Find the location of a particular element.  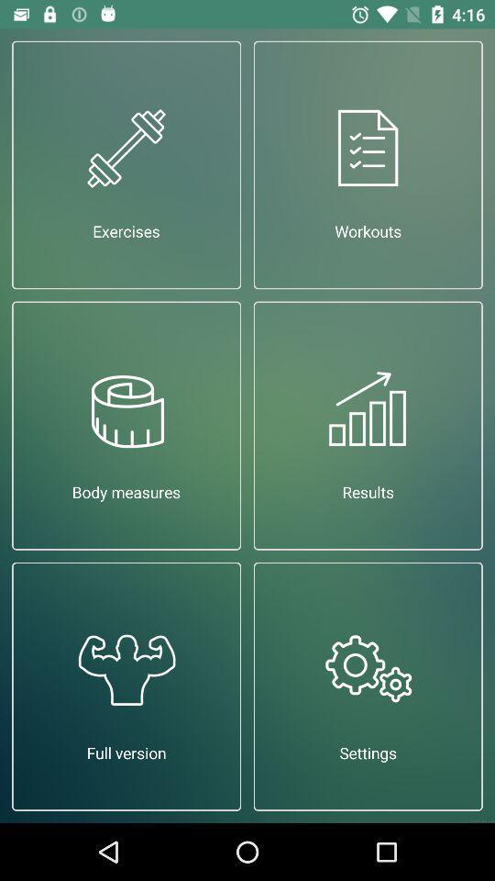

the icon next to exercises is located at coordinates (368, 163).